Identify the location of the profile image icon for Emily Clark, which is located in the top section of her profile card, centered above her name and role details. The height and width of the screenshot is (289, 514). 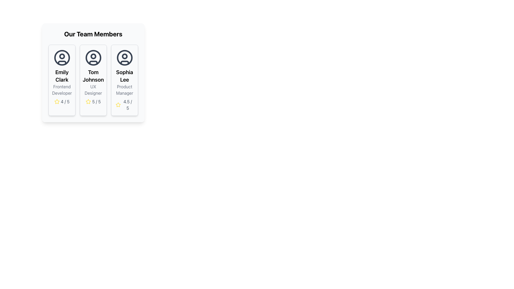
(62, 58).